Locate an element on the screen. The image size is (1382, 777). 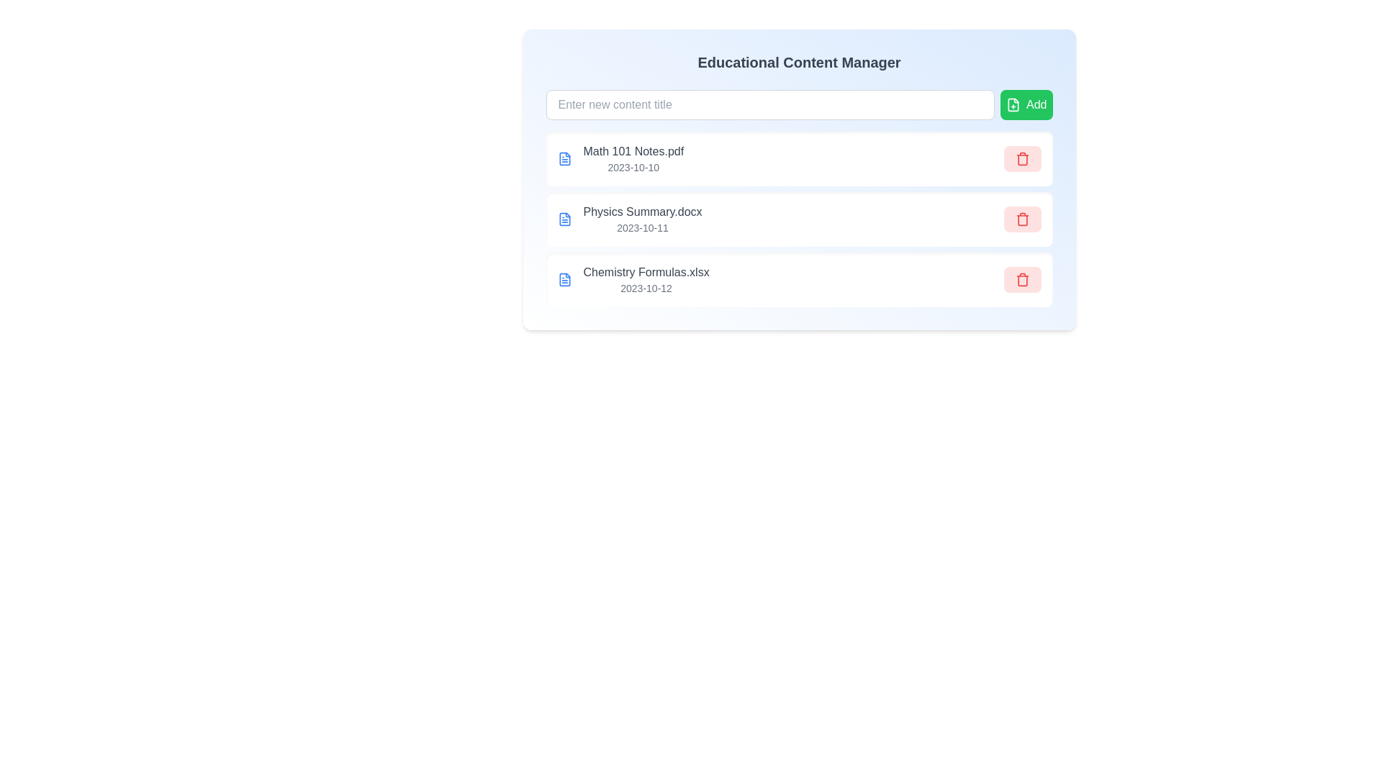
the 'Physics Summary.docx' file entry in the list, which is the second item positioned under the 'Educational Content Manager' header is located at coordinates (629, 219).